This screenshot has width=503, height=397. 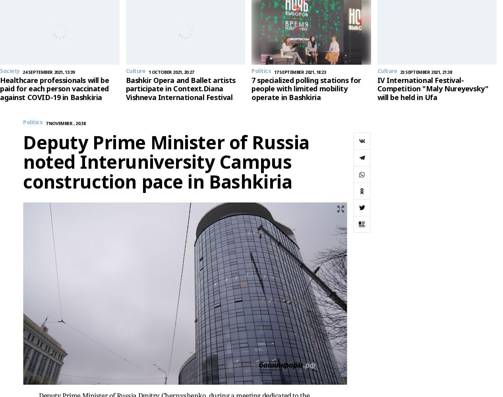 I want to click on 'Society', so click(x=9, y=71).